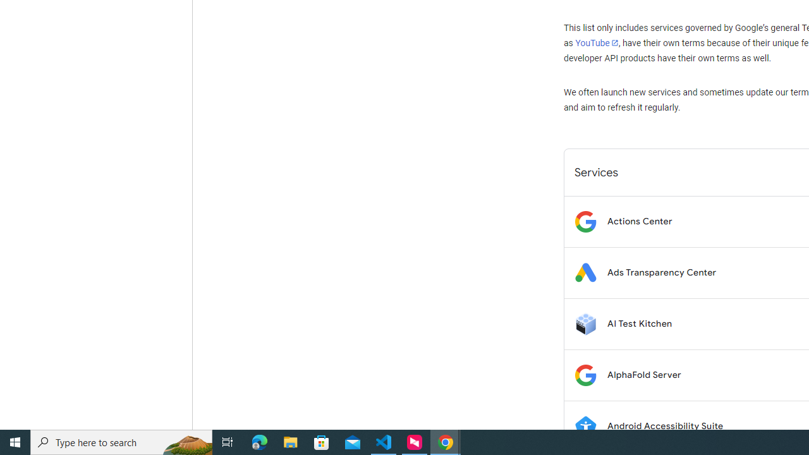 This screenshot has width=809, height=455. What do you see at coordinates (585, 323) in the screenshot?
I see `'Logo for AI Test Kitchen'` at bounding box center [585, 323].